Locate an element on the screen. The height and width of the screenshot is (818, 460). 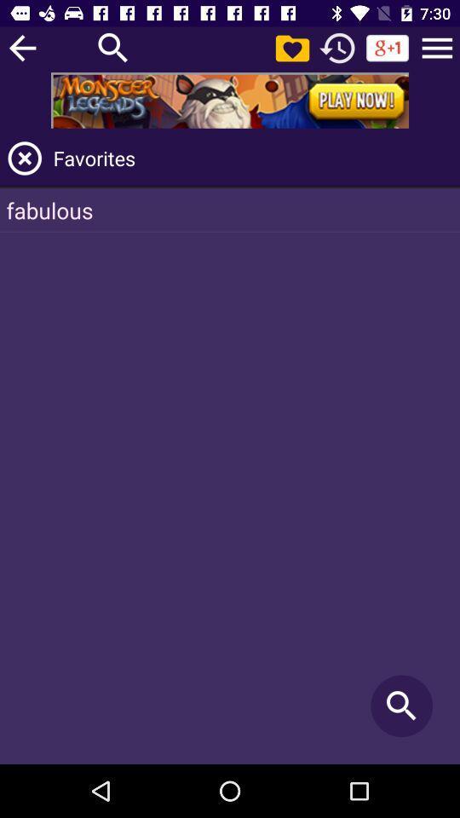
favourites is located at coordinates (24, 158).